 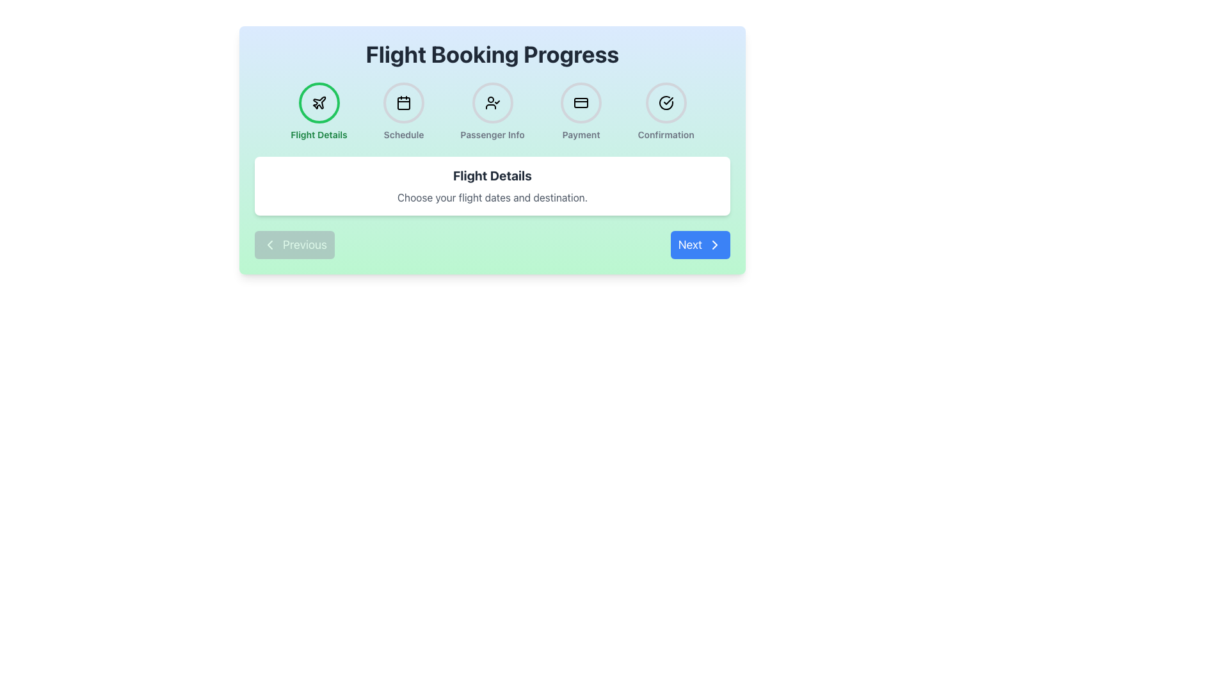 I want to click on the 'Flight Details' text label, which is displayed in a green font and is positioned below an airplane icon in the navigation bar, so click(x=319, y=135).